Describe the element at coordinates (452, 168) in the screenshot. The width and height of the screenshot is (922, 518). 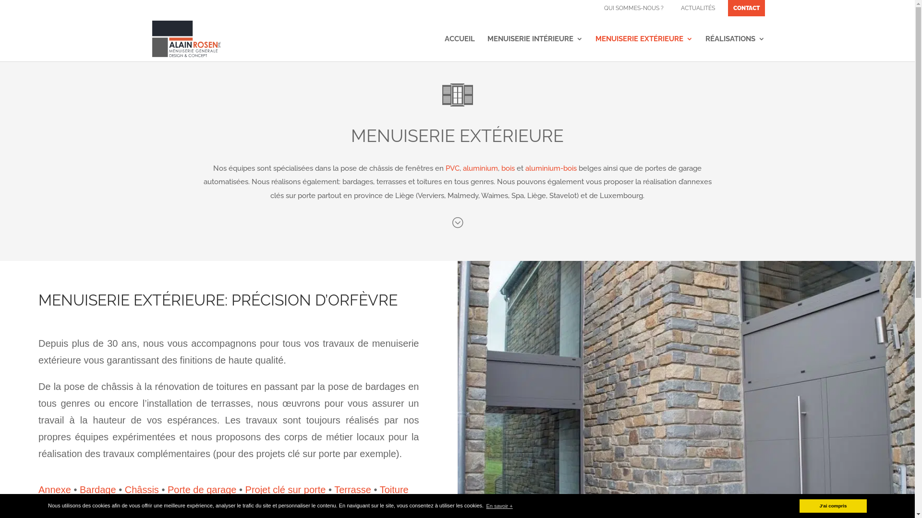
I see `'PVC'` at that location.